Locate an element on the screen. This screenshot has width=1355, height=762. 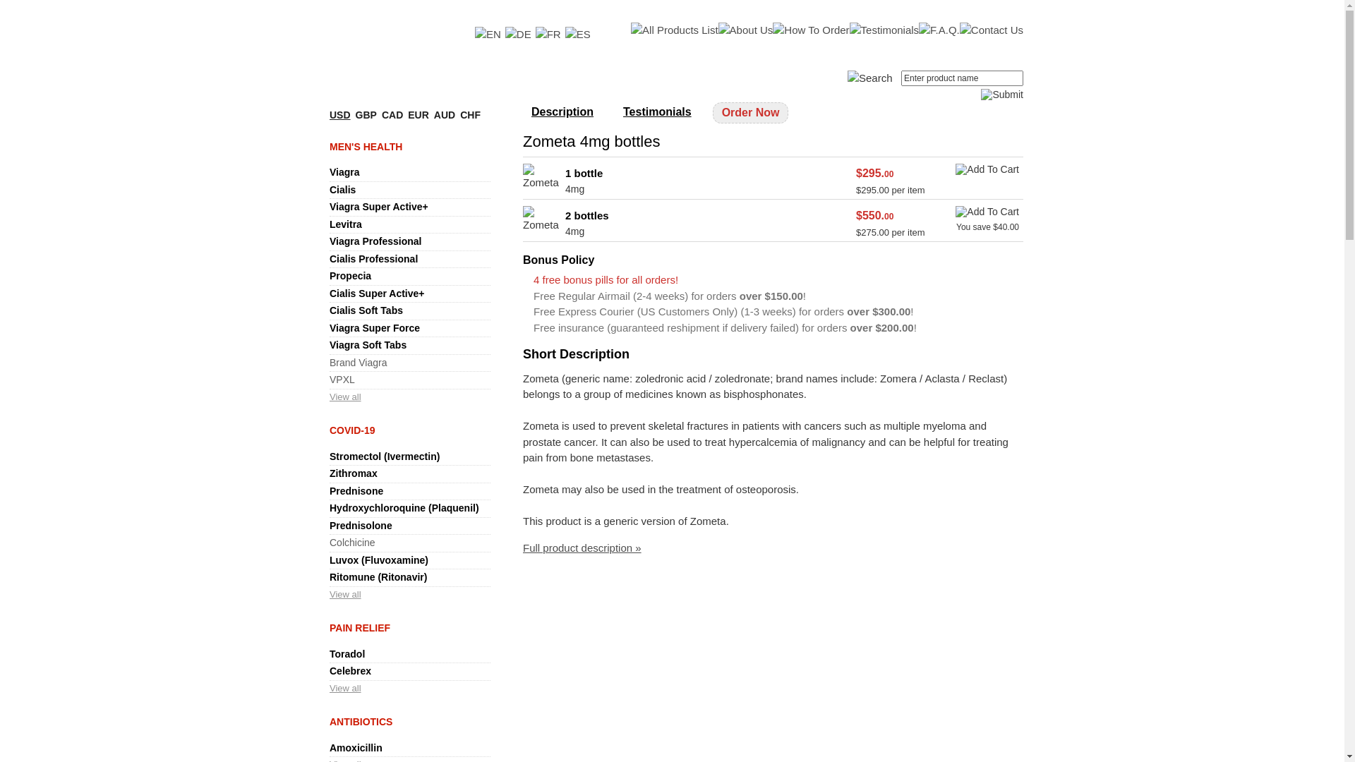
'View all' is located at coordinates (328, 687).